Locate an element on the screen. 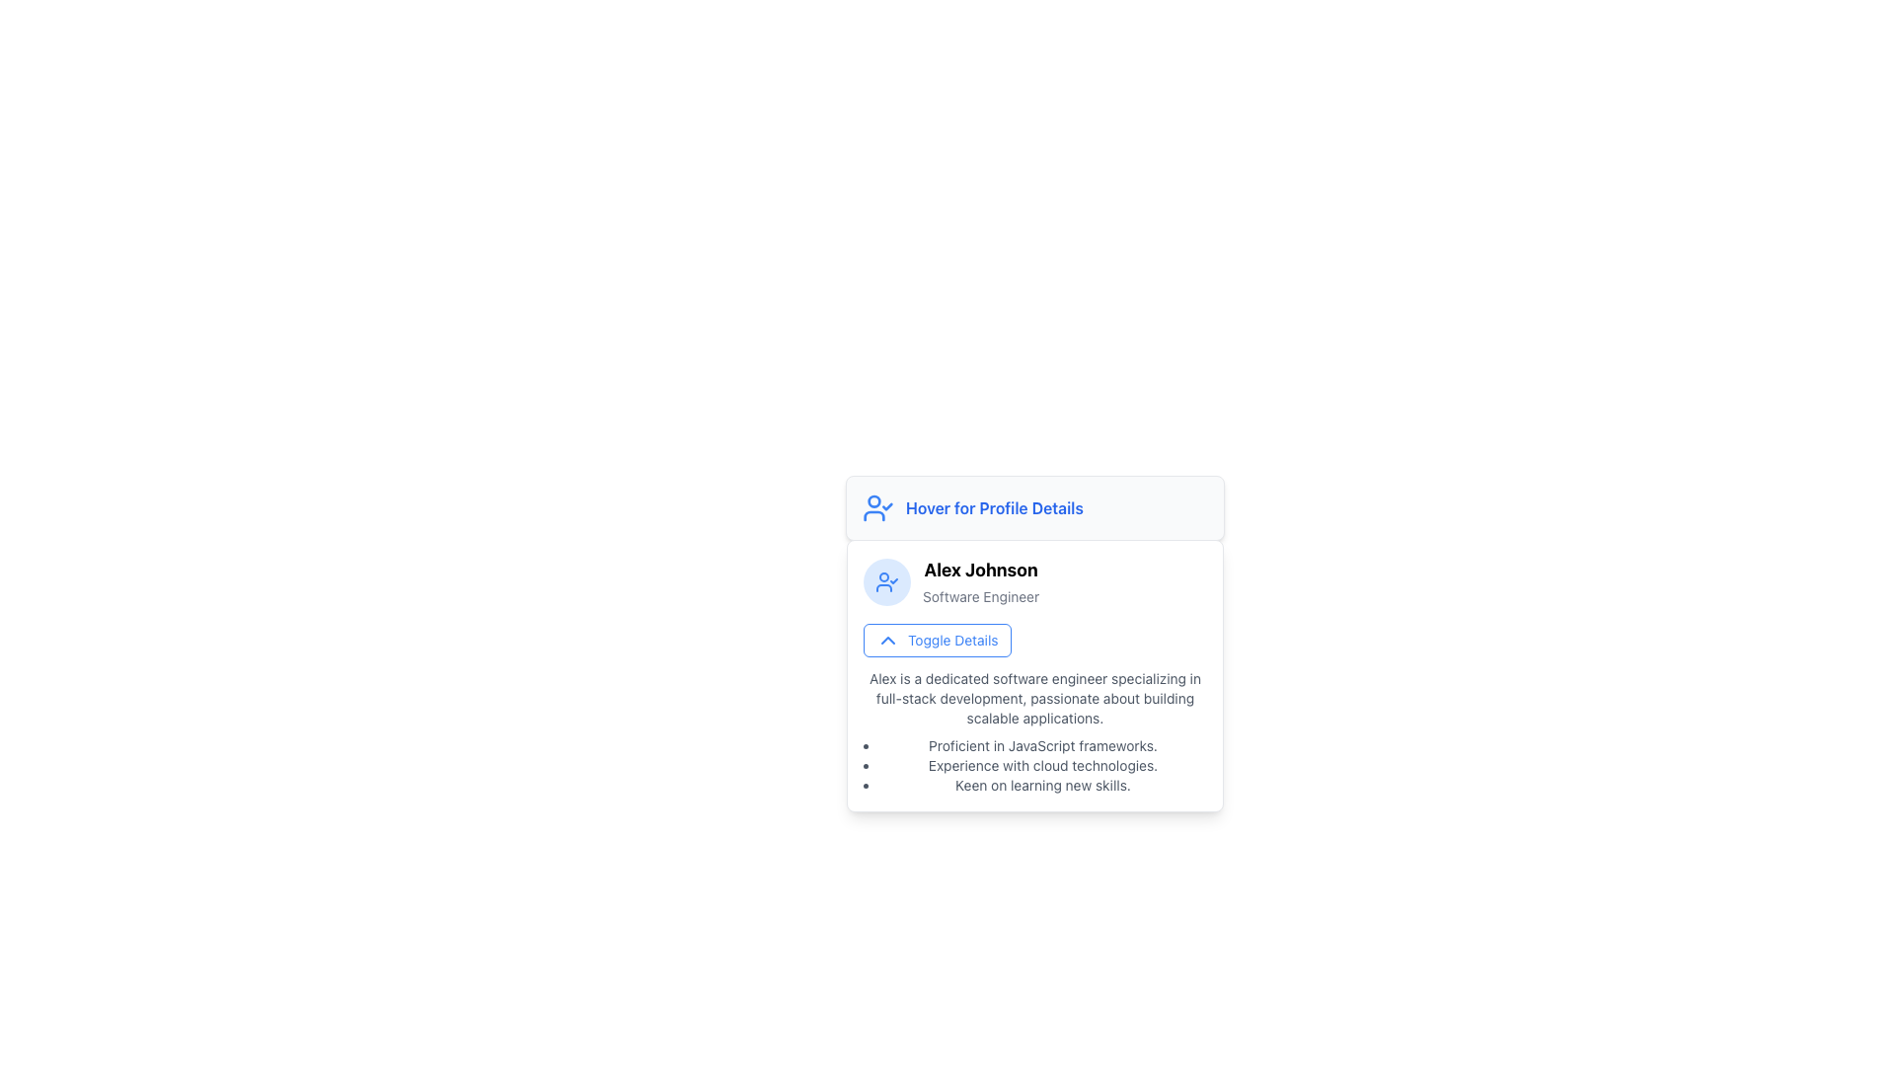  the blue user figure icon with a checkmark, positioned to the left of the text 'Hover for Profile Details' is located at coordinates (876, 507).